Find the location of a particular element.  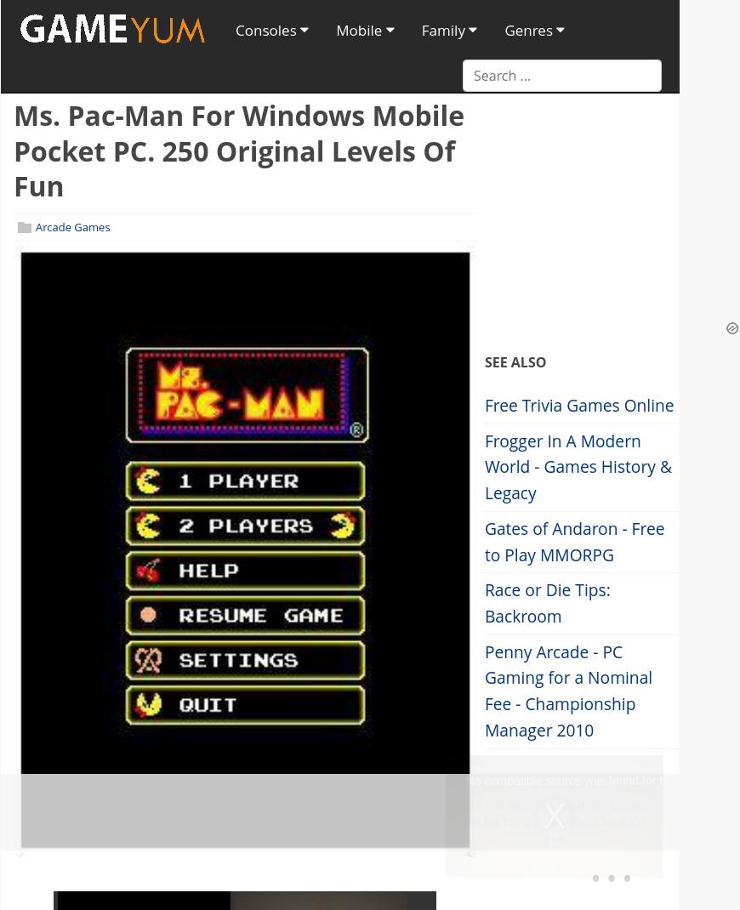

'Frogger In A Modern World - Games History & Legacy' is located at coordinates (578, 465).